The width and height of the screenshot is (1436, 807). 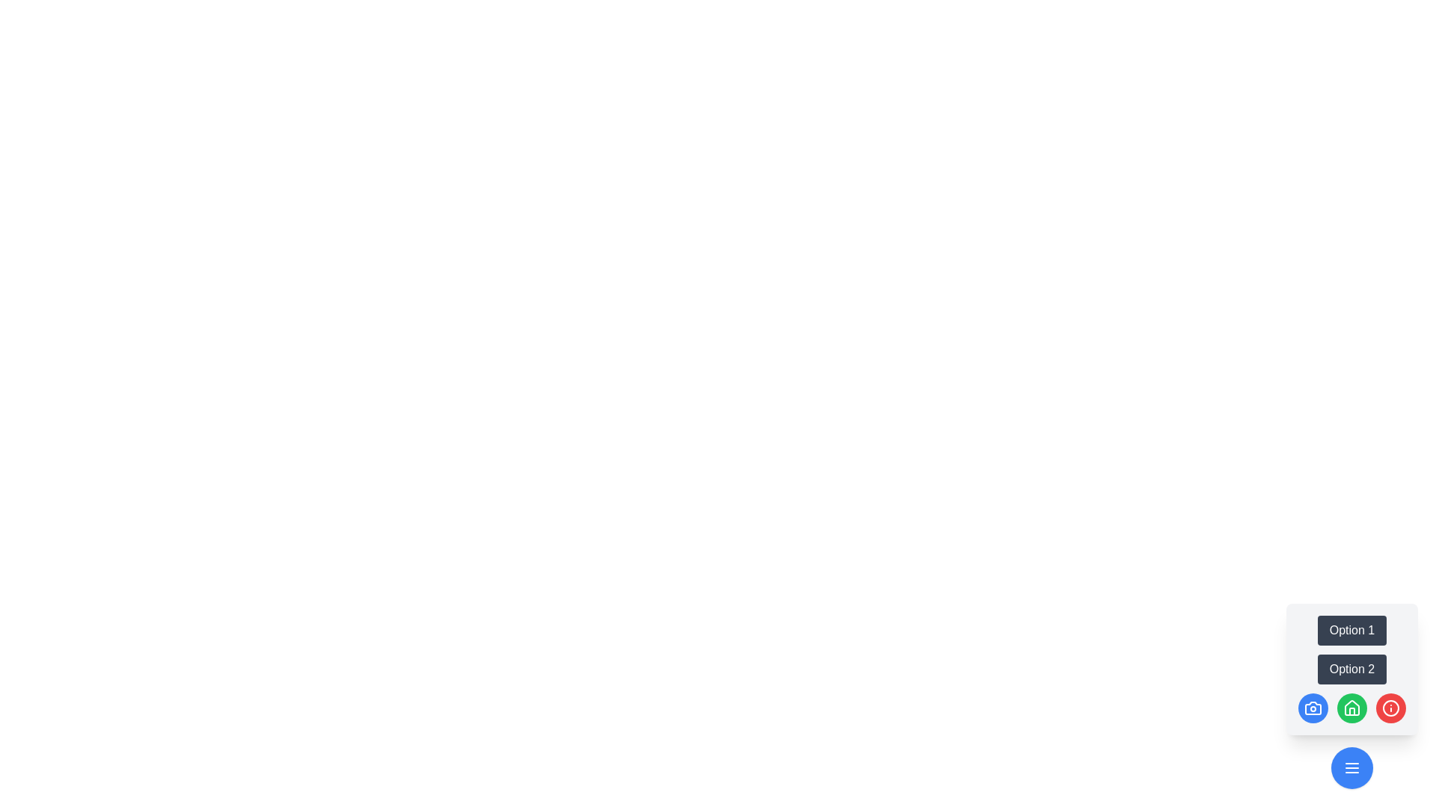 I want to click on the 'Option 2' button located in the lower right corner of the interface, which is the second button in the vertical list, so click(x=1352, y=668).